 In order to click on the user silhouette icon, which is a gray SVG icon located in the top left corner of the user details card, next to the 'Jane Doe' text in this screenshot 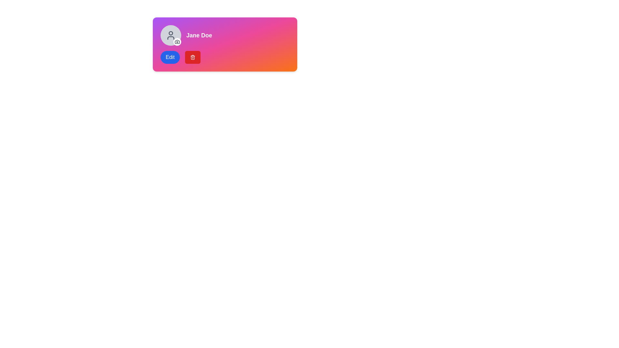, I will do `click(171, 35)`.